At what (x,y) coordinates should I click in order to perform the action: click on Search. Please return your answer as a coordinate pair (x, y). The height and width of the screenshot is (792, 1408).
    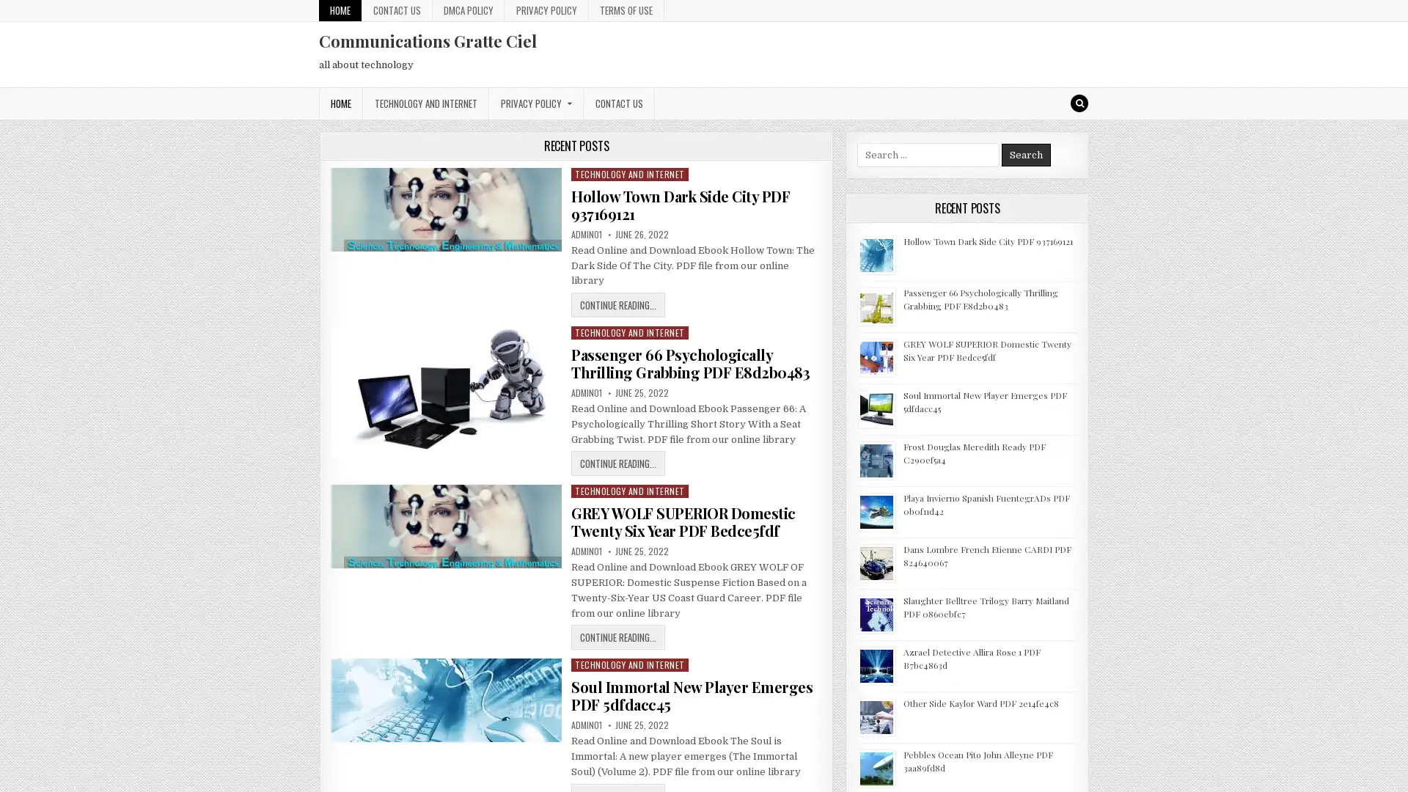
    Looking at the image, I should click on (1025, 155).